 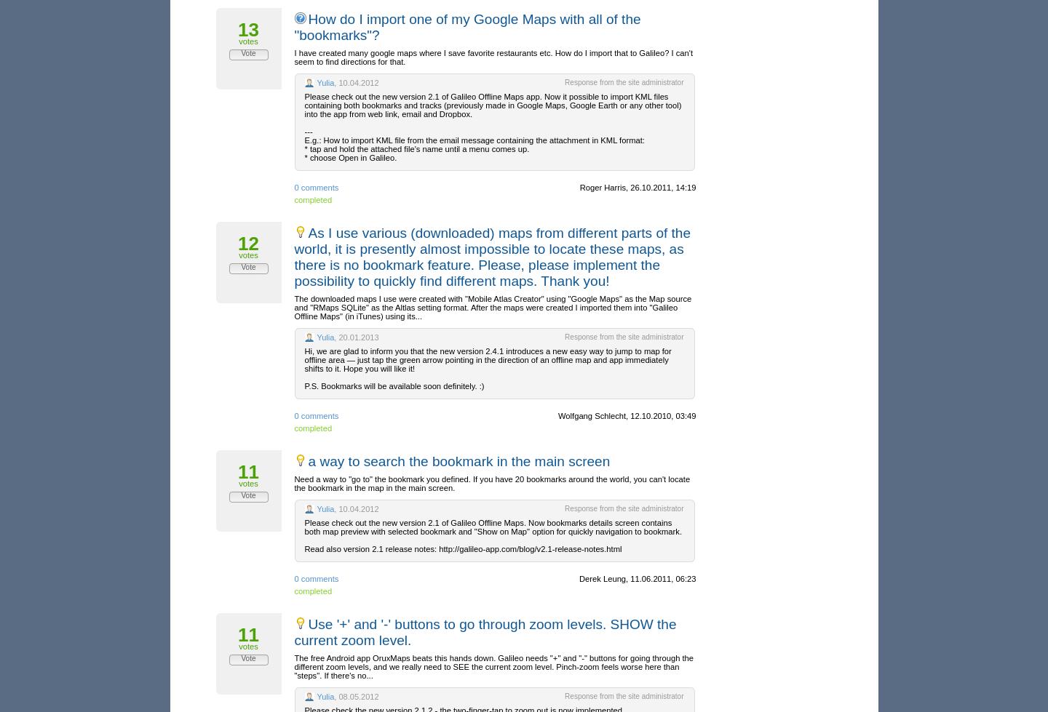 What do you see at coordinates (488, 359) in the screenshot?
I see `'Hi, we are glad to inform you that the new version 2.4.1 introduces a new easy way to jump to map for offline area — just tap the green arrow pointing in the direction of an offline map and app immediately shifts to it. Hope you will like it!'` at bounding box center [488, 359].